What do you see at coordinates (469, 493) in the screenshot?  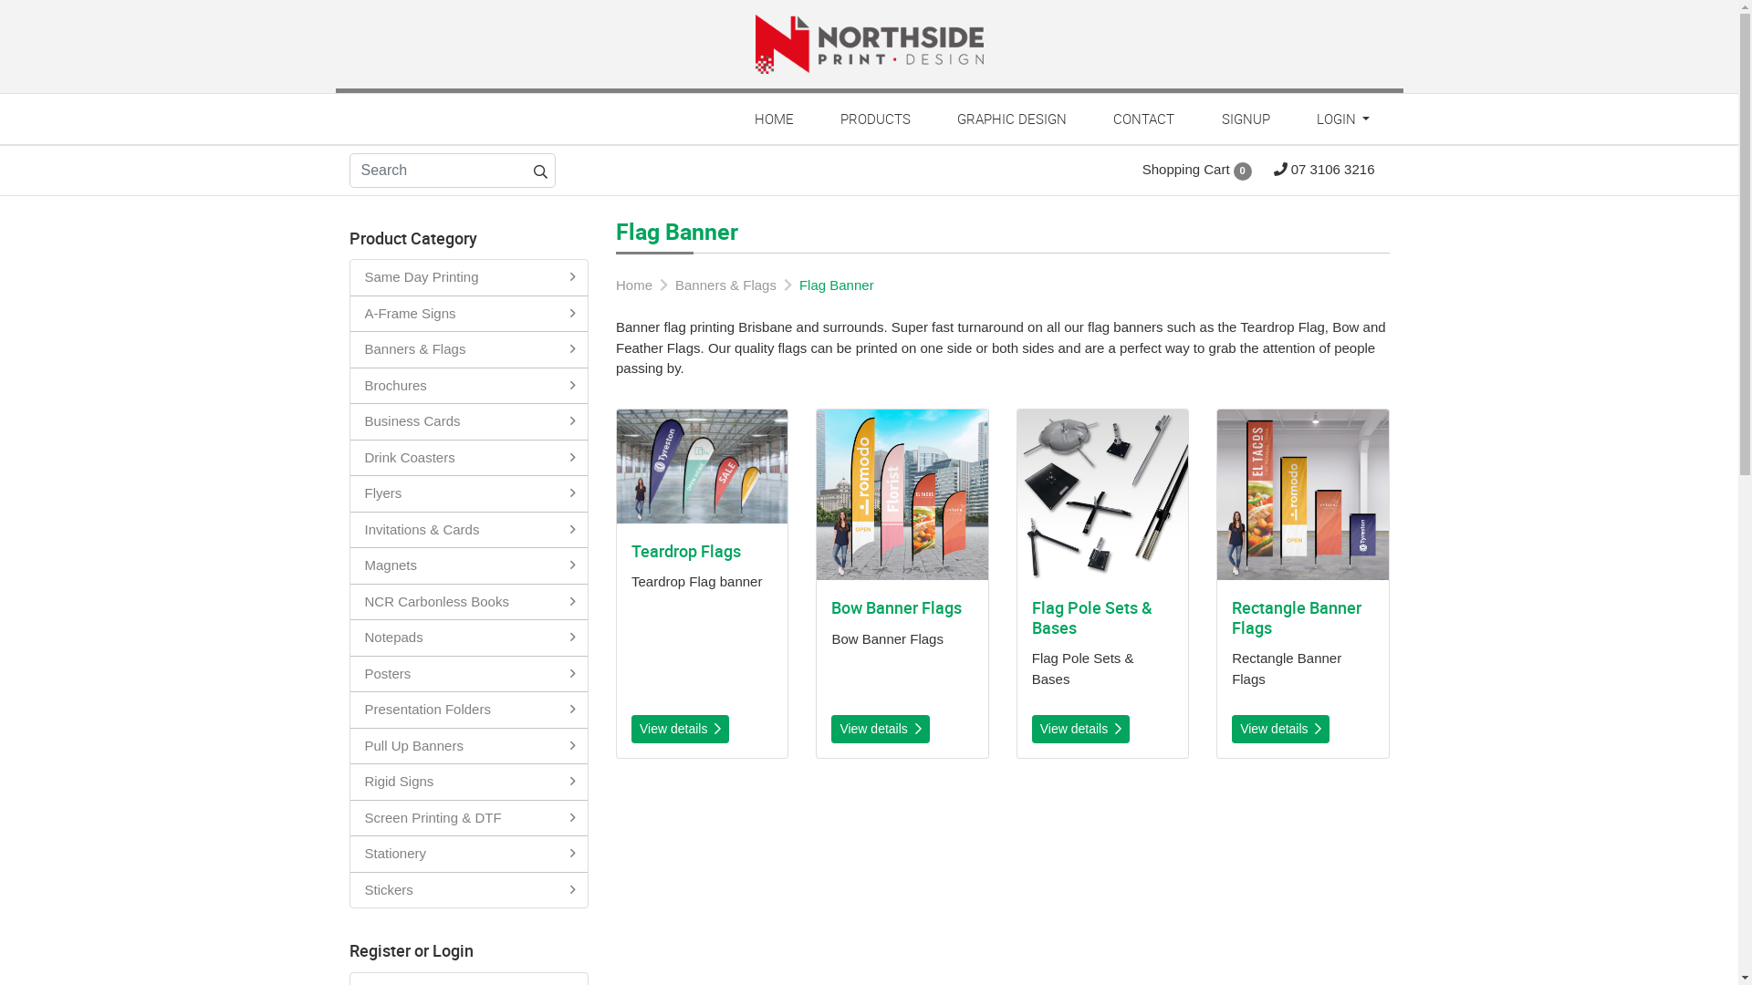 I see `'Flyers'` at bounding box center [469, 493].